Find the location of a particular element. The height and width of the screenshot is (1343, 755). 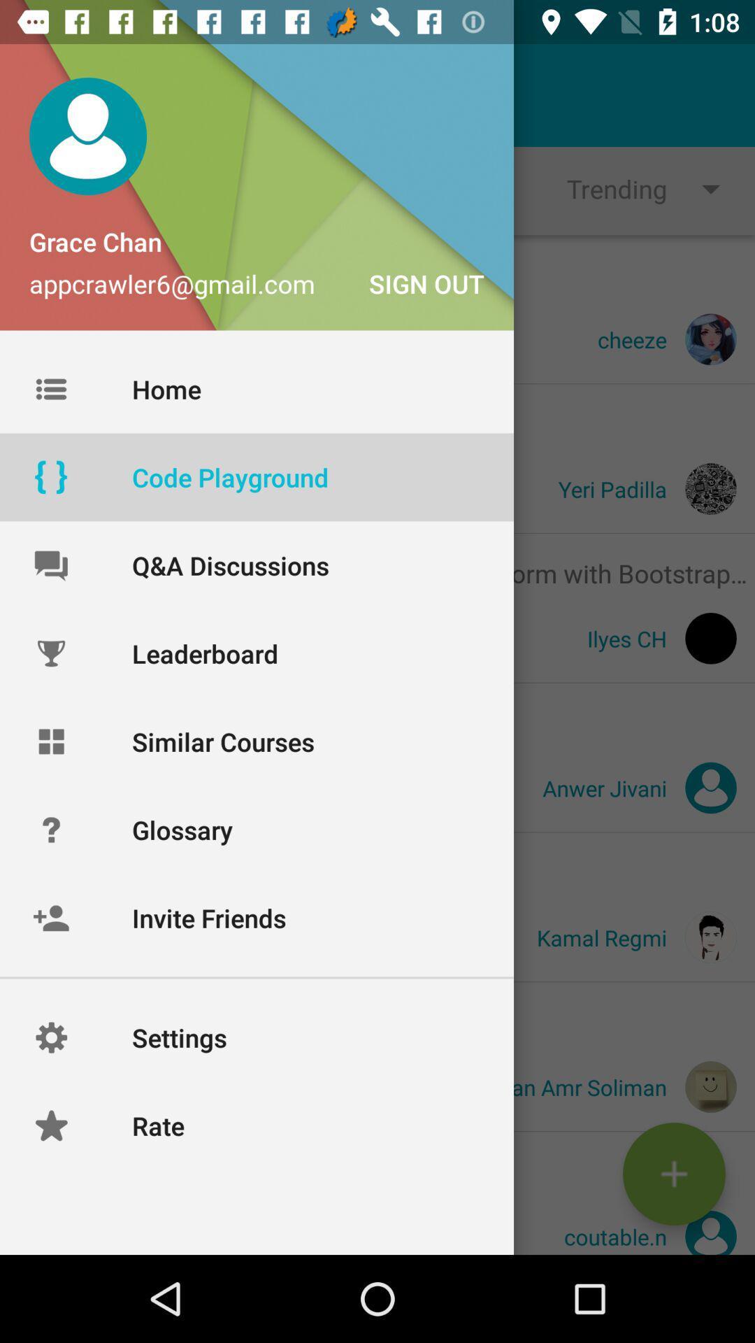

the add icon is located at coordinates (673, 1174).